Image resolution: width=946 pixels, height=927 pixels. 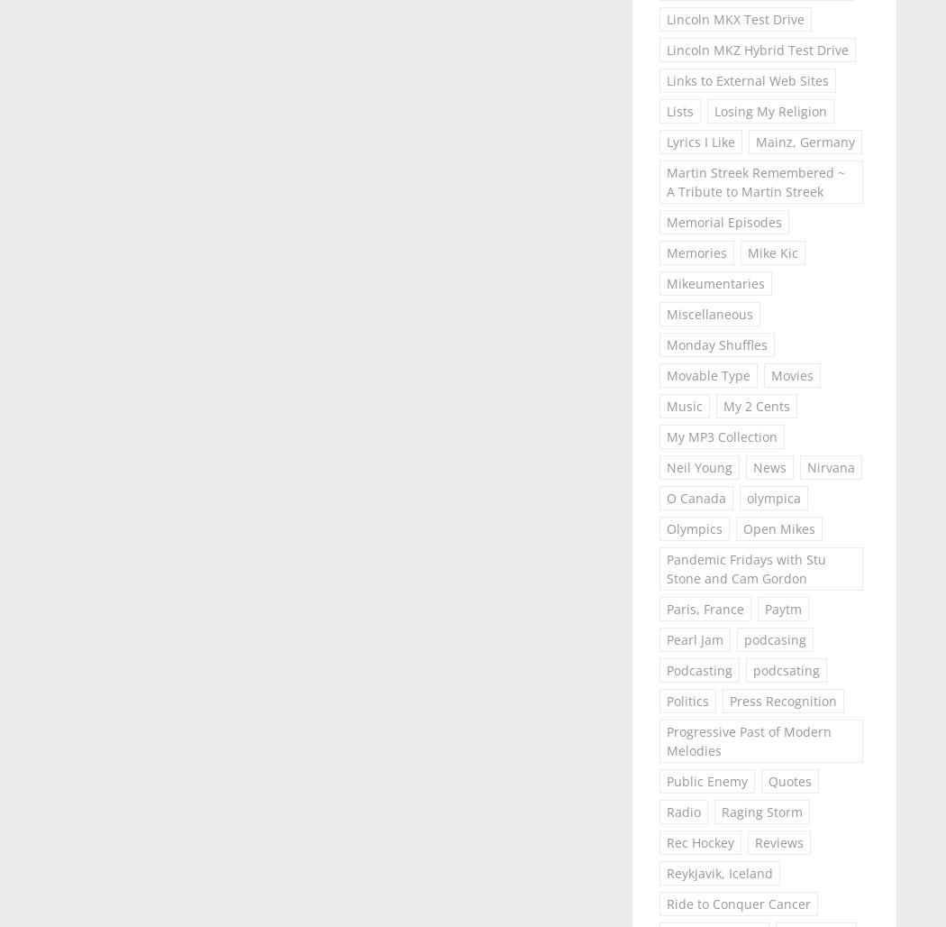 What do you see at coordinates (755, 406) in the screenshot?
I see `'My 2 Cents'` at bounding box center [755, 406].